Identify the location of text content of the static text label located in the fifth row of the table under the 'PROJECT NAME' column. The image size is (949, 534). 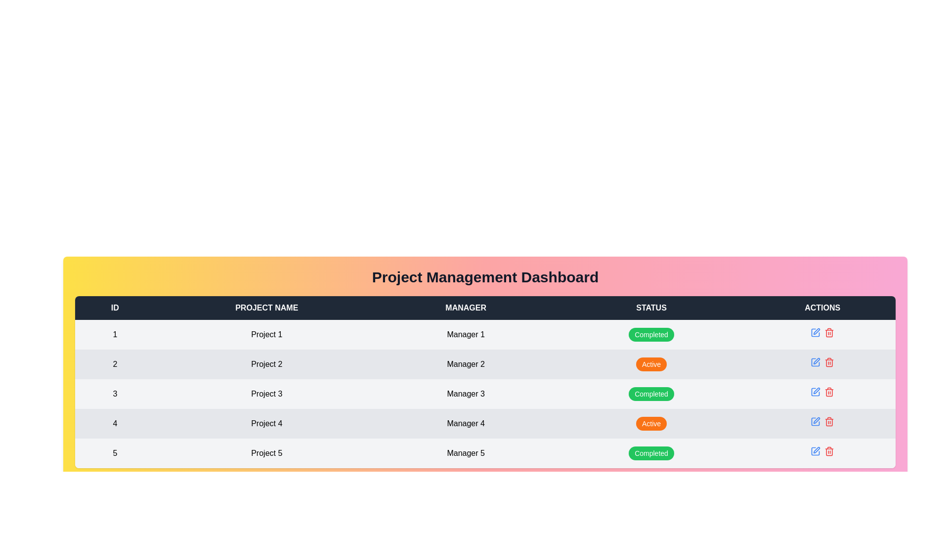
(266, 453).